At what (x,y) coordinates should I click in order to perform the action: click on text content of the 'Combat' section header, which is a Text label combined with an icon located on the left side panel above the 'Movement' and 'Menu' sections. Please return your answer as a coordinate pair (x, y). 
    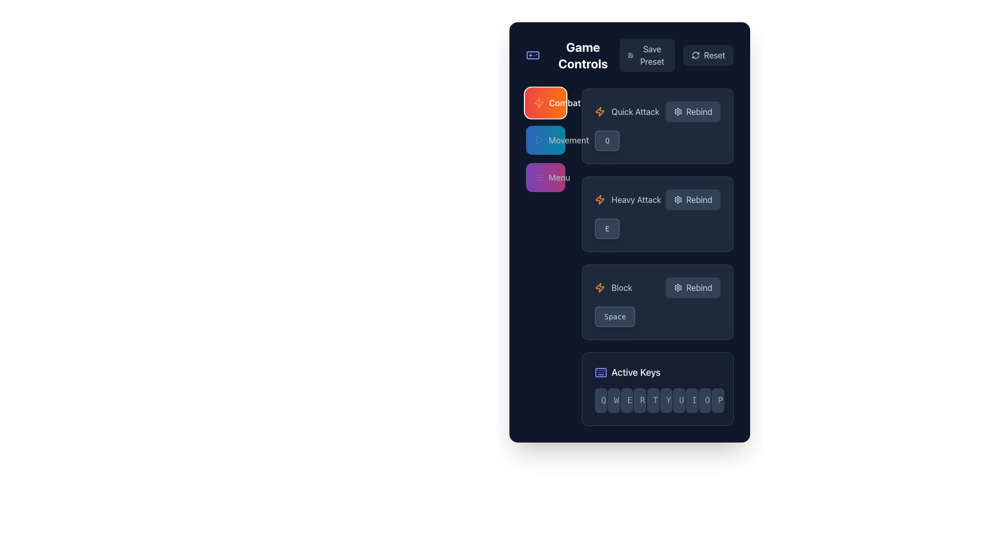
    Looking at the image, I should click on (545, 103).